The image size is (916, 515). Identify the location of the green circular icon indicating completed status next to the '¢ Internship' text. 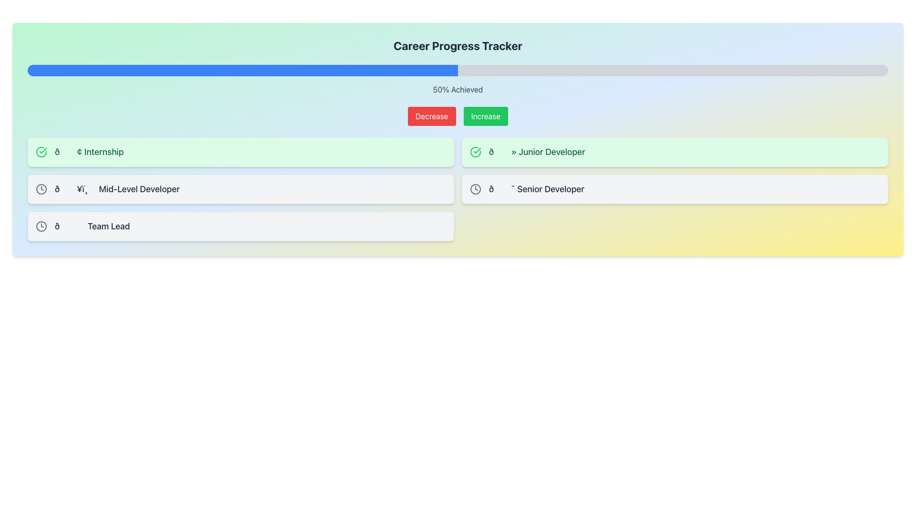
(42, 150).